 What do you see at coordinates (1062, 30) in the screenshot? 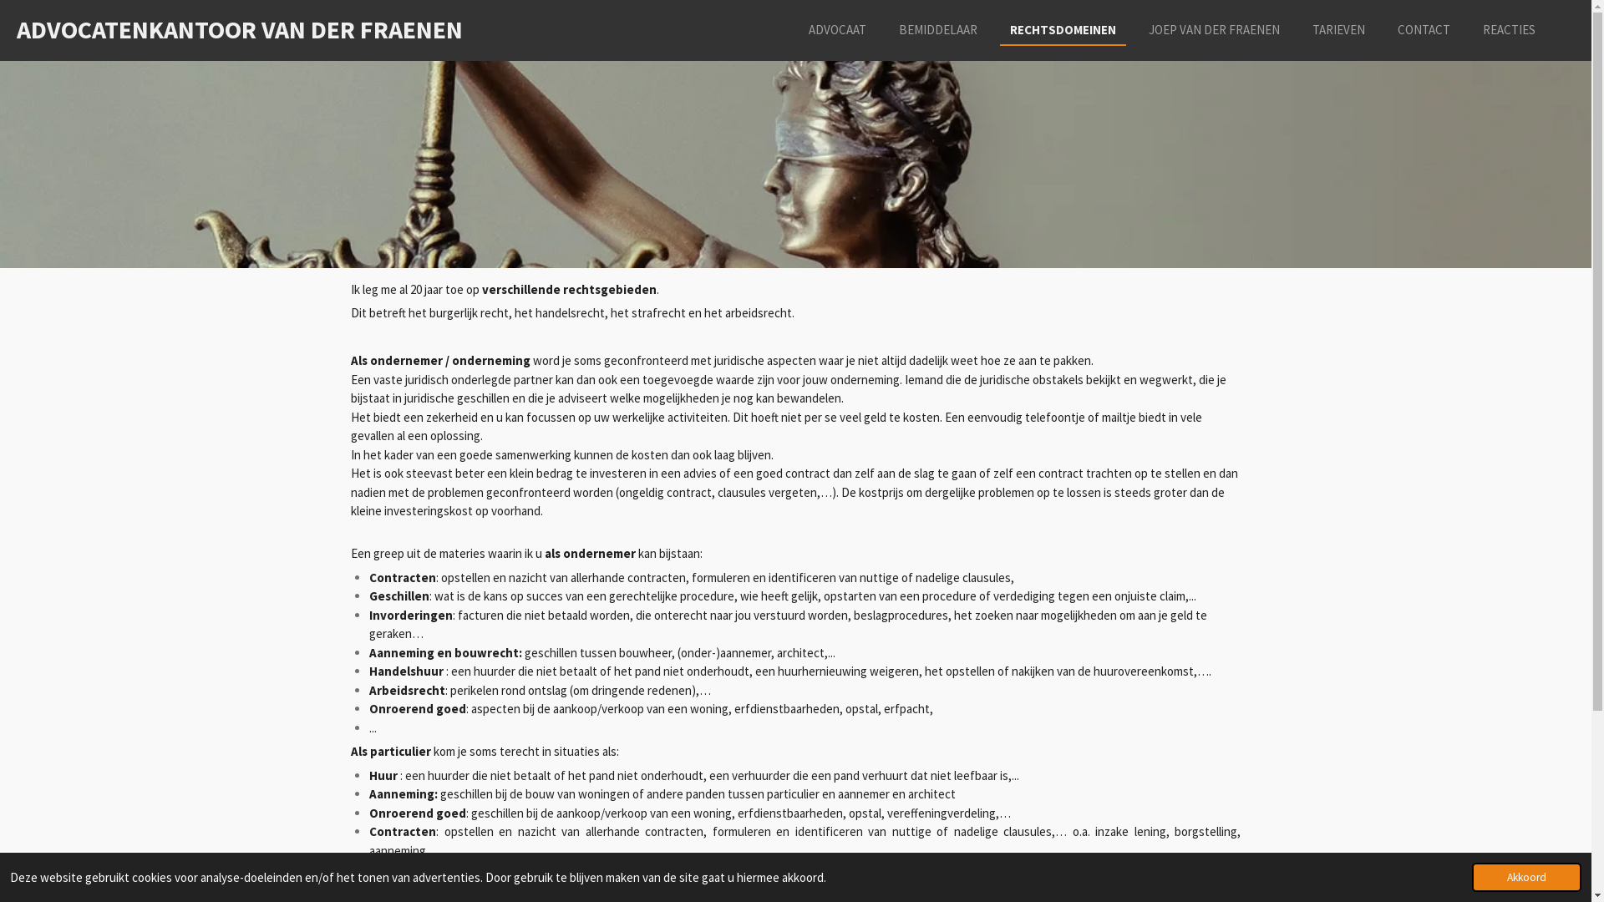
I see `'RECHTSDOMEINEN'` at bounding box center [1062, 30].